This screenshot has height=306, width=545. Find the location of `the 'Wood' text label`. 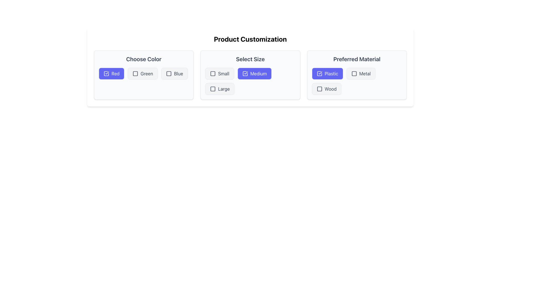

the 'Wood' text label is located at coordinates (330, 89).